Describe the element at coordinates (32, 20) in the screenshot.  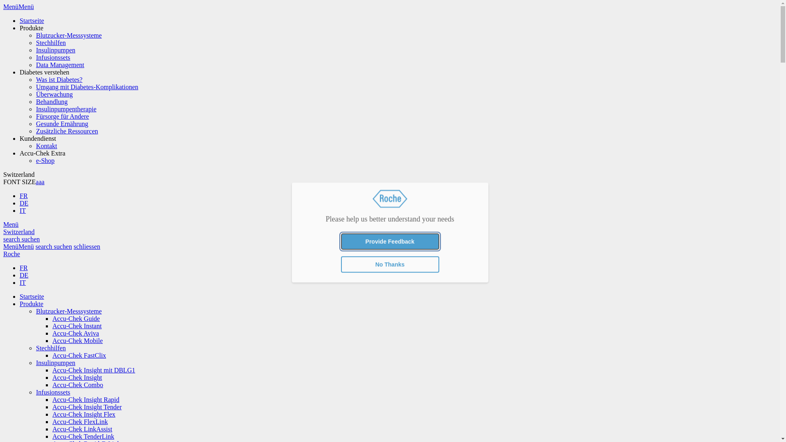
I see `'Startseite'` at that location.